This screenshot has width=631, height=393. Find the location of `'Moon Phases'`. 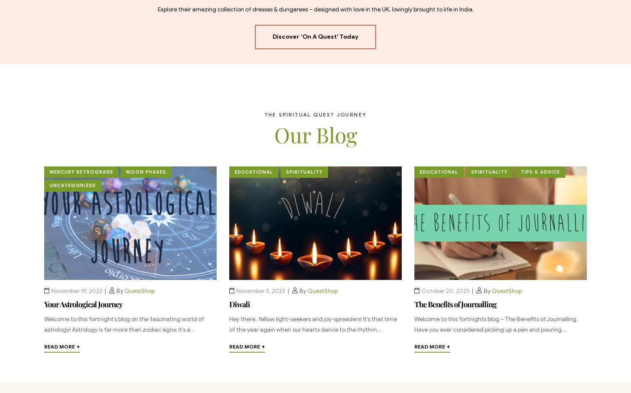

'Moon Phases' is located at coordinates (146, 171).